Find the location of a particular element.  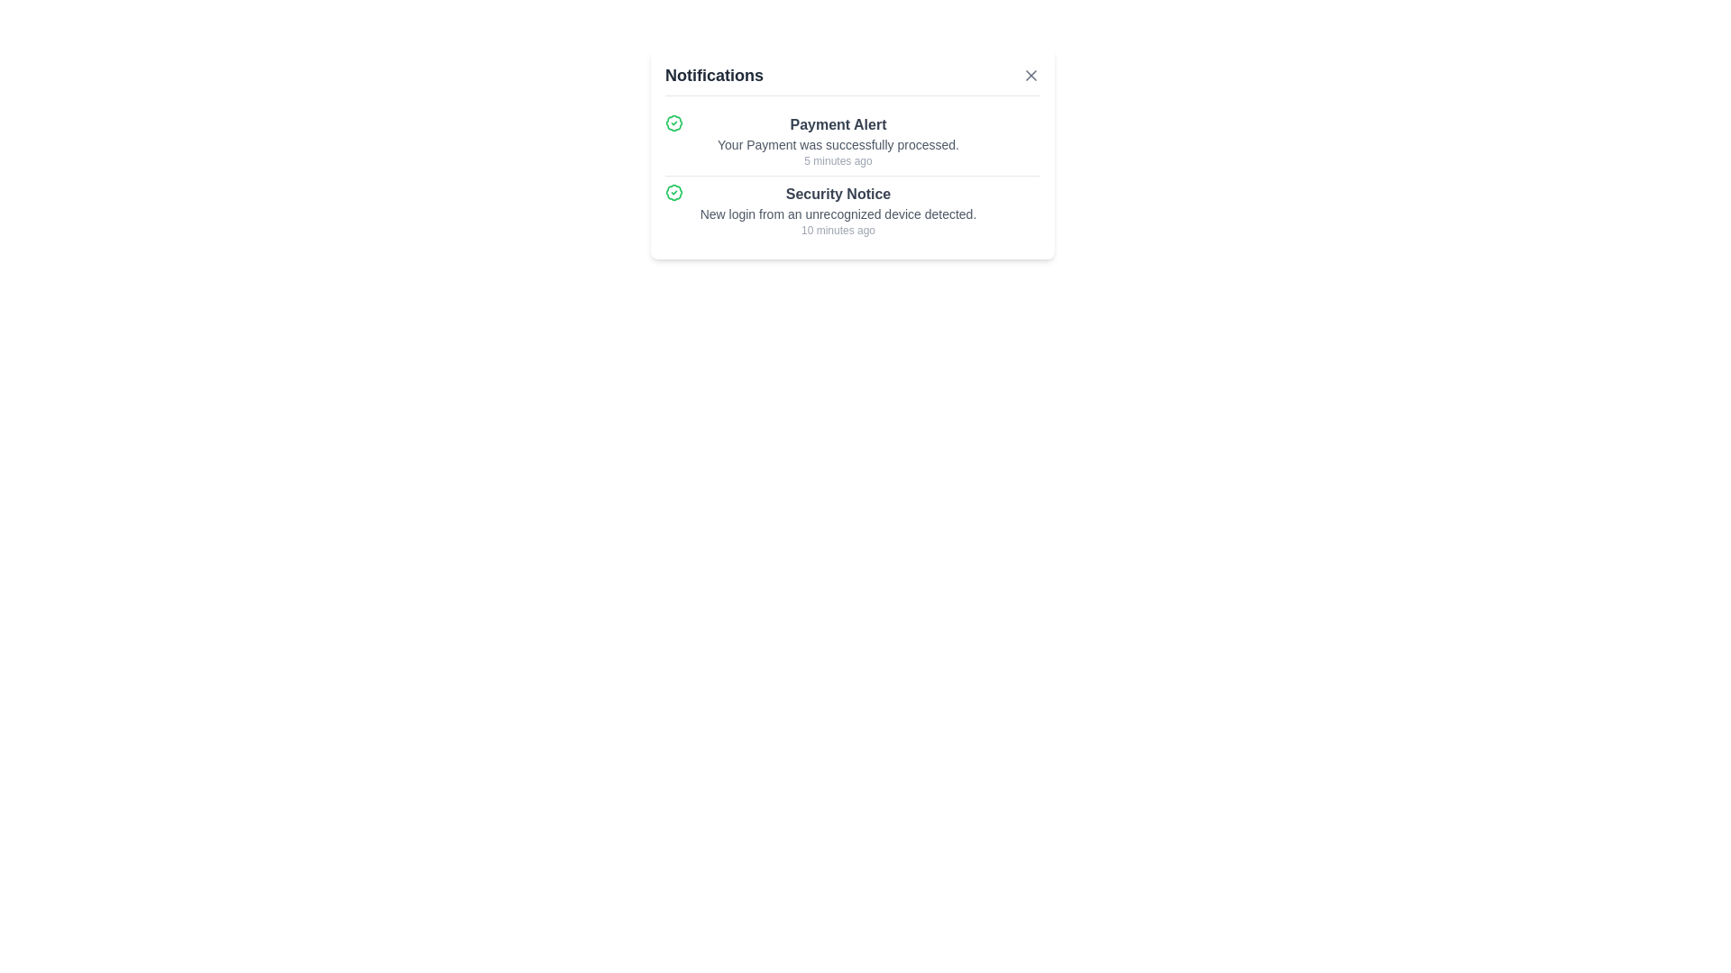

the icon located to the left of the 'Payment Alert' notification under the 'Notifications' header is located at coordinates (673, 123).